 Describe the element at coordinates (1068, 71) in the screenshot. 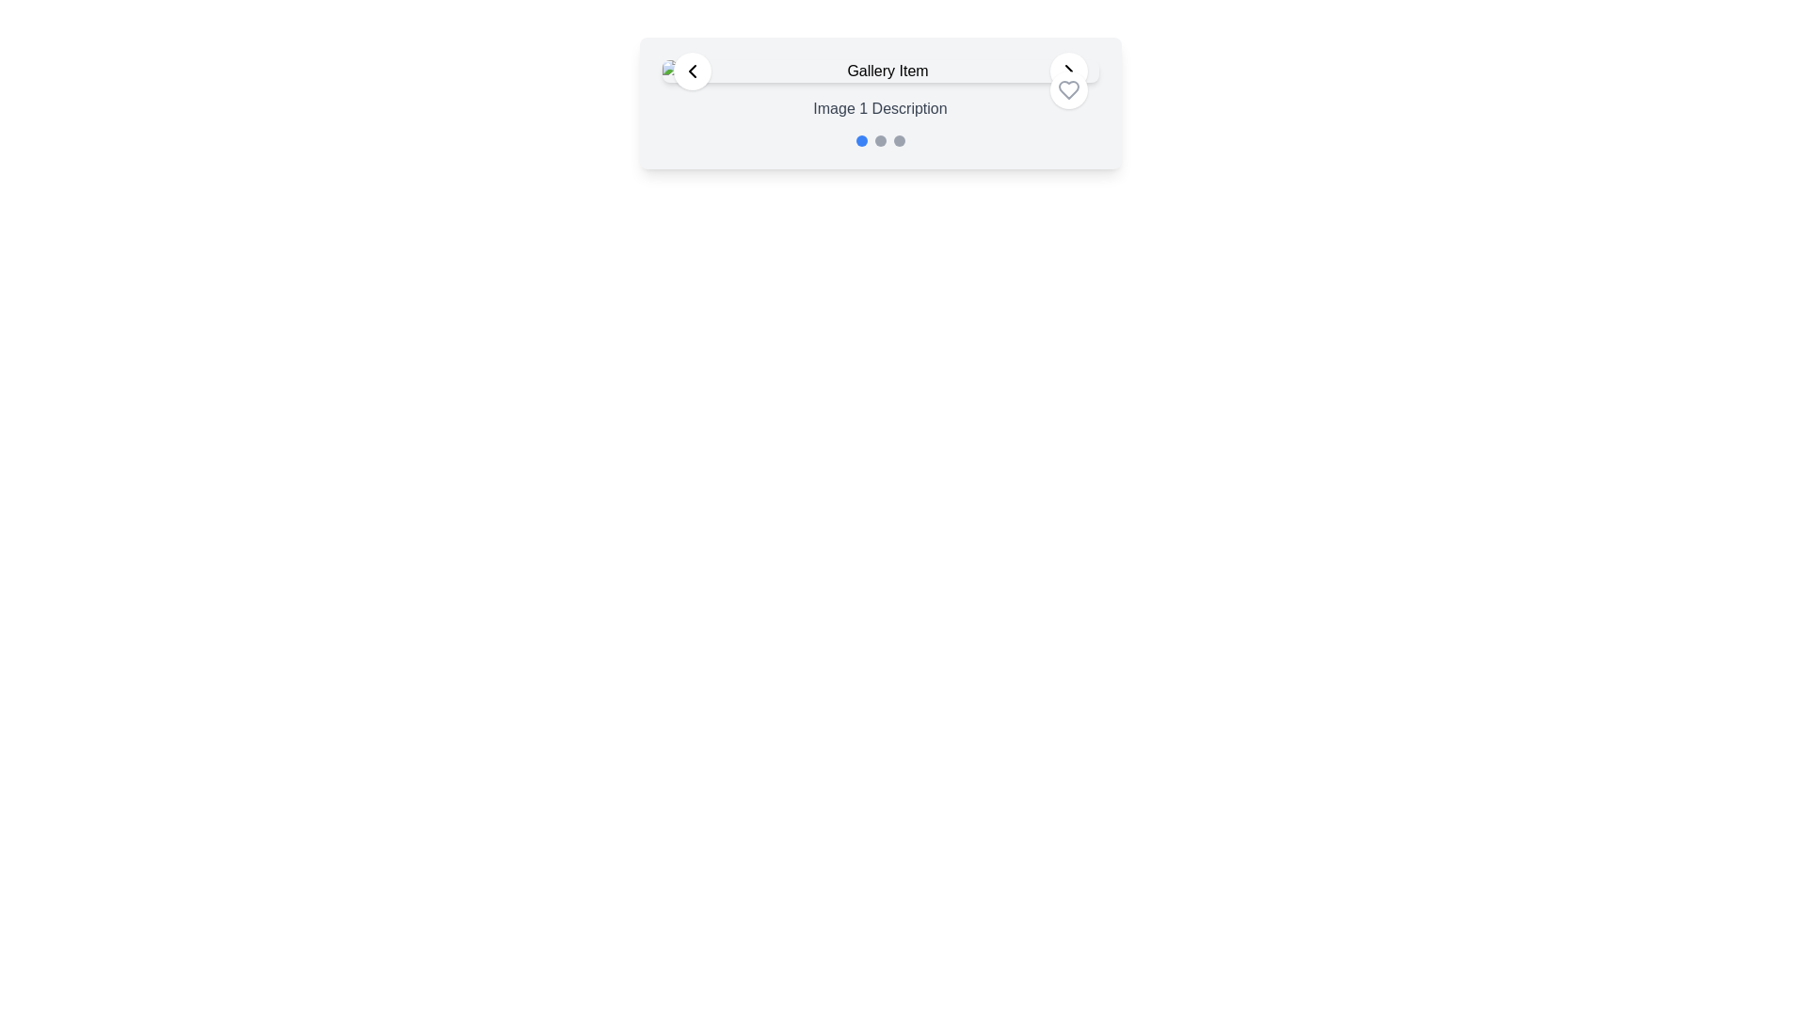

I see `the 'Next' button located at the top-right corner of the gallery item` at that location.